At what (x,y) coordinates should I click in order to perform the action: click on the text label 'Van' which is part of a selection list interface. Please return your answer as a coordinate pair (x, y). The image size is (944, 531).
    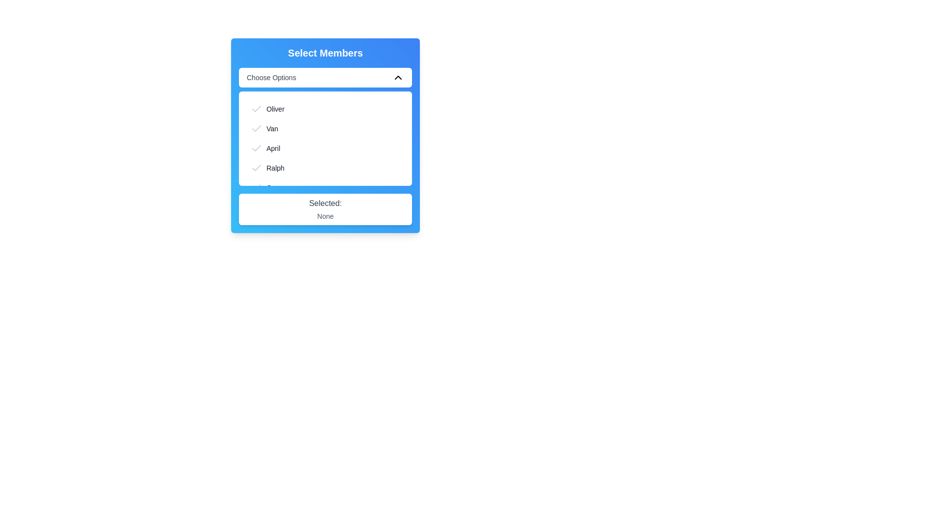
    Looking at the image, I should click on (272, 128).